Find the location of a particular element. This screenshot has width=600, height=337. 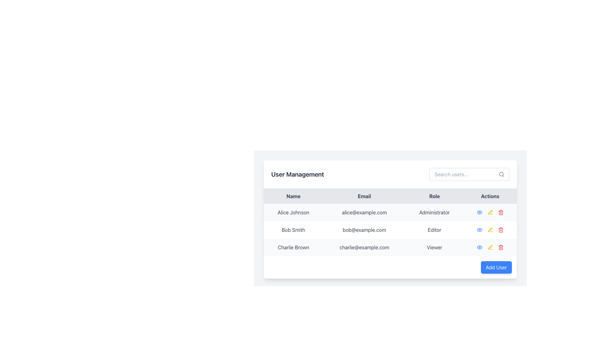

the second row in the 'User Management' table that displays user details for 'Bob Smith' is located at coordinates (390, 230).